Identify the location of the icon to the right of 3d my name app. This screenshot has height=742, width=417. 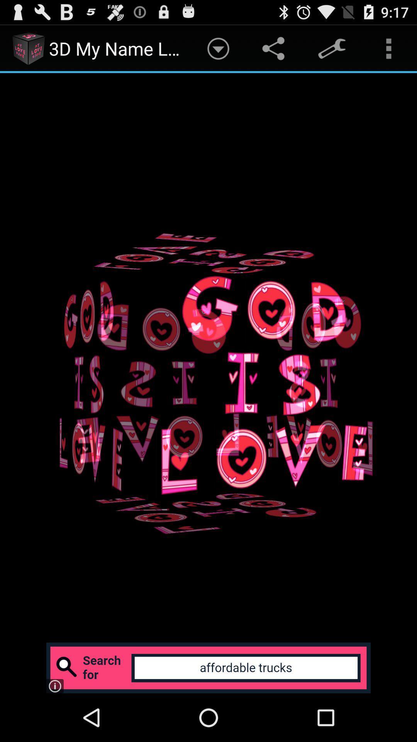
(218, 48).